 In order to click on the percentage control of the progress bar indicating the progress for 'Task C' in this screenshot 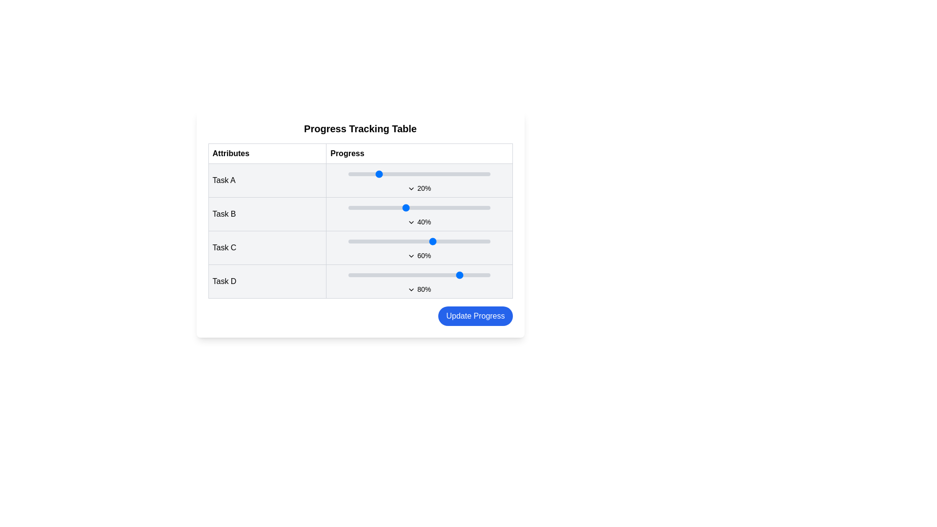, I will do `click(360, 247)`.